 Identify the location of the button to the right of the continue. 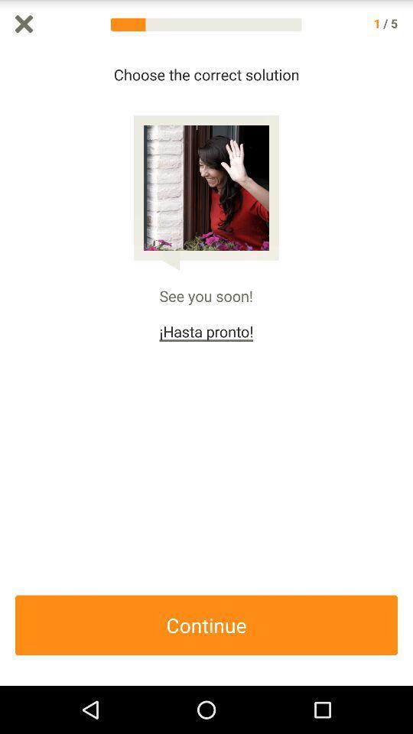
(405, 367).